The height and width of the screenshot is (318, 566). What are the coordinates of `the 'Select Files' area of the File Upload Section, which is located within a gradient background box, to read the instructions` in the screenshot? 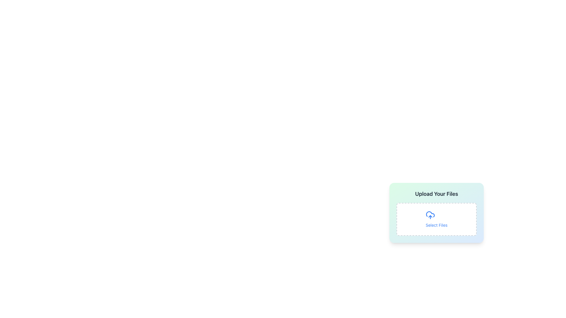 It's located at (437, 225).